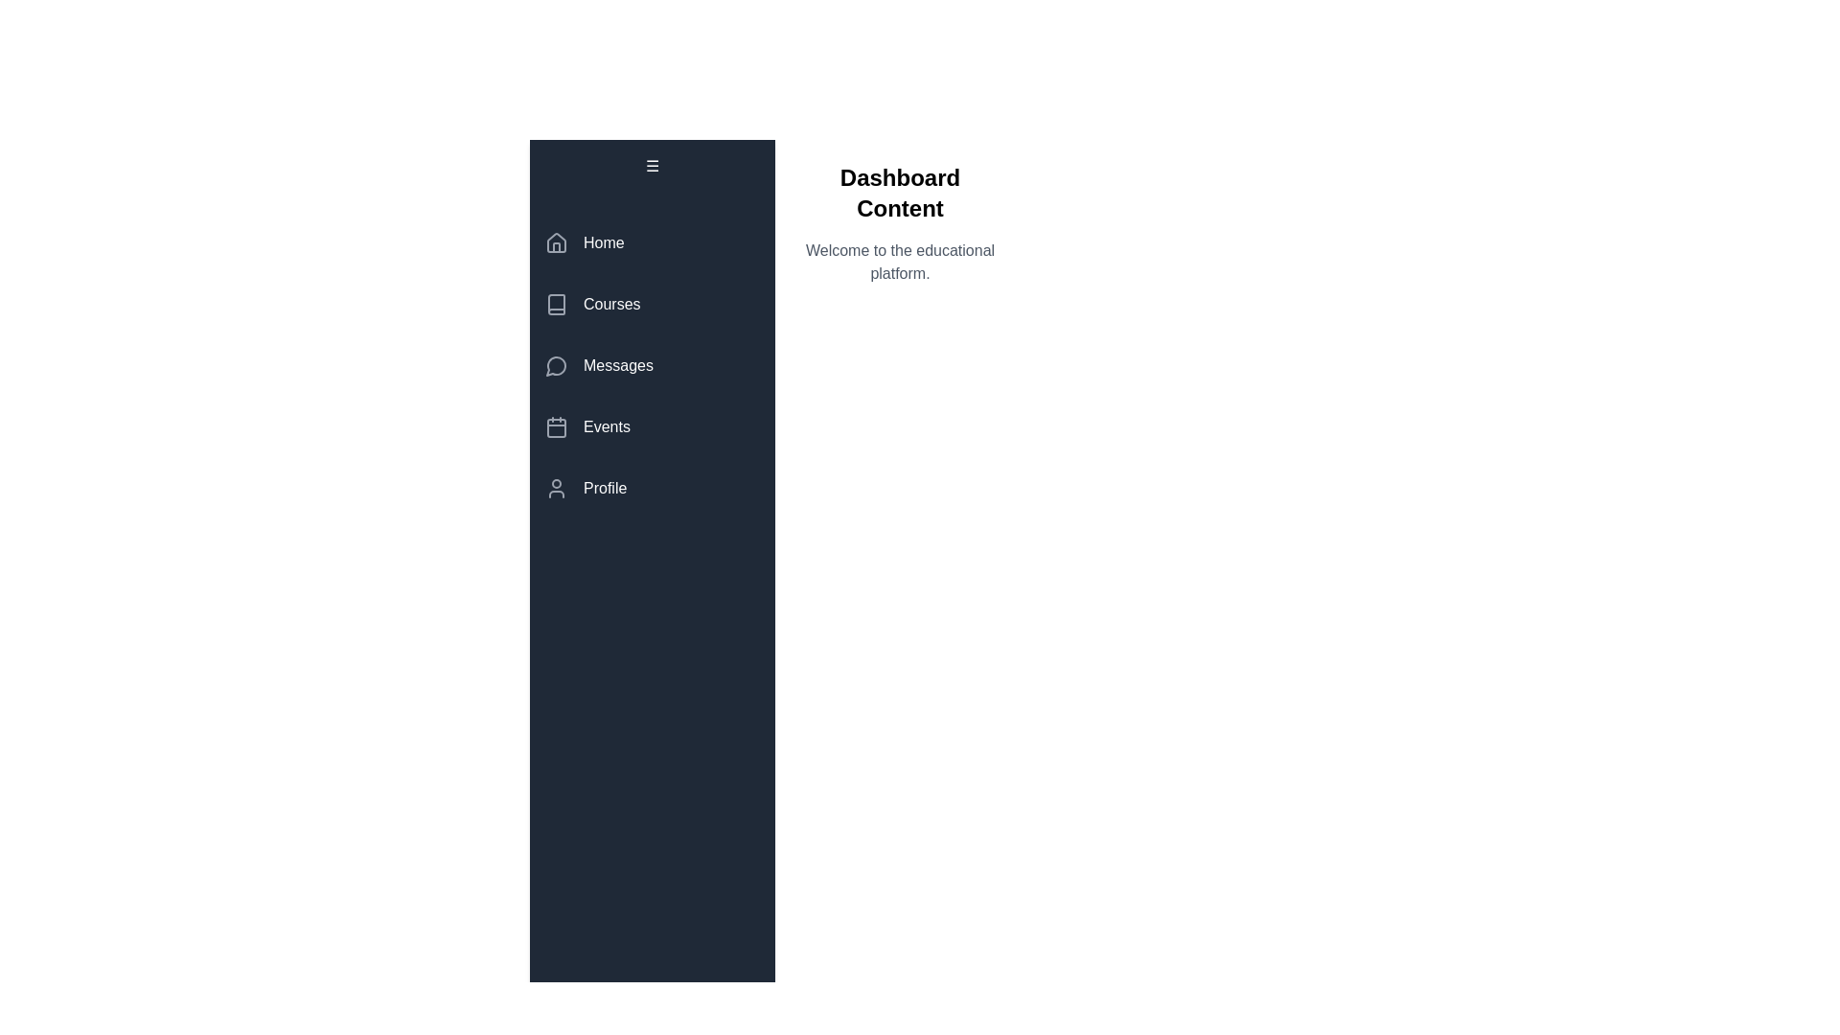 The width and height of the screenshot is (1840, 1035). What do you see at coordinates (653, 365) in the screenshot?
I see `the menu item labeled Messages to observe visual feedback` at bounding box center [653, 365].